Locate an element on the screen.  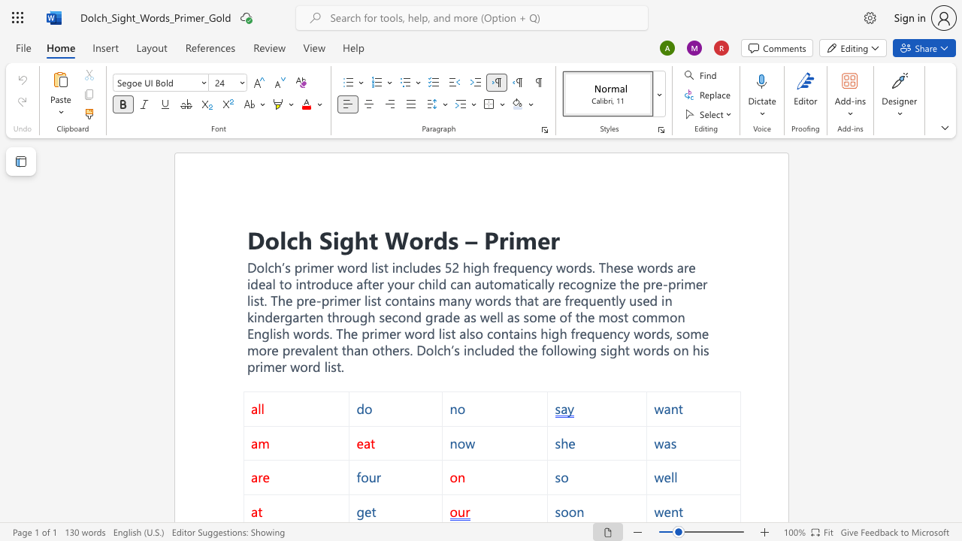
the 7th character "c" in the text is located at coordinates (531, 284).